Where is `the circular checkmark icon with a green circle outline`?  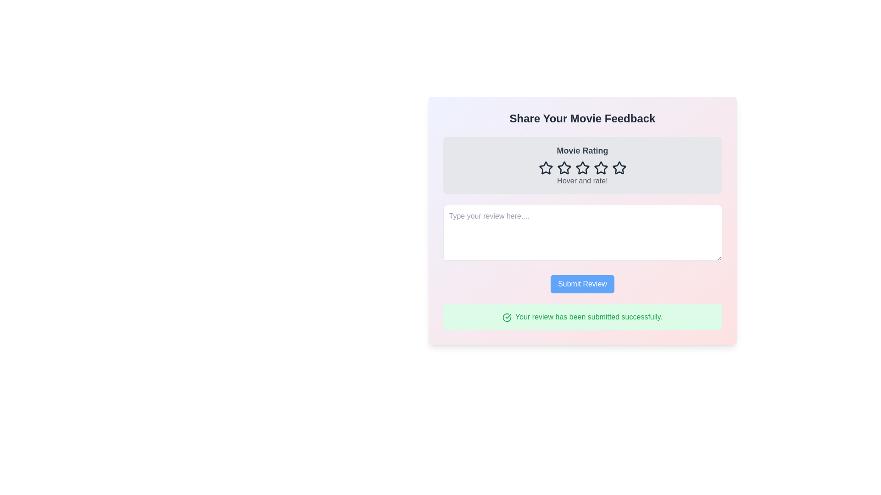
the circular checkmark icon with a green circle outline is located at coordinates (506, 317).